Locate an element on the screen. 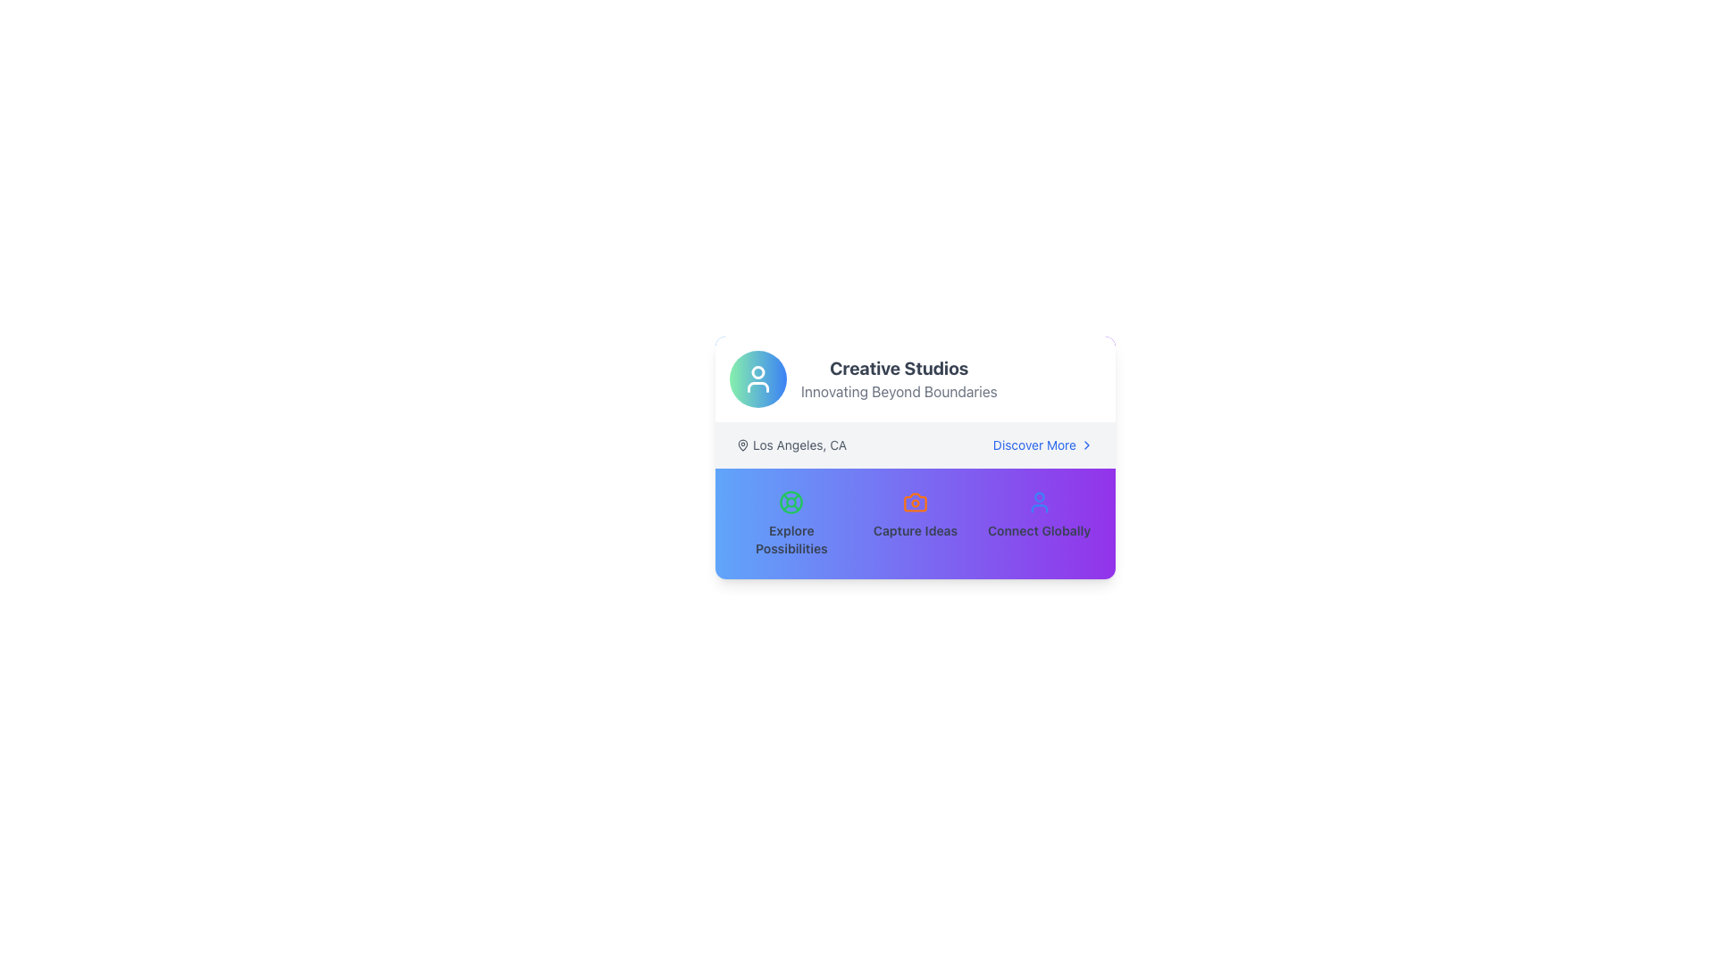 This screenshot has height=964, width=1715. the camera icon element that is located centrally in the second icon from the left in a row of three icons at the bottom section of the card interface, which is positioned slightly above the text labeled 'Capture Ideas' is located at coordinates (915, 503).